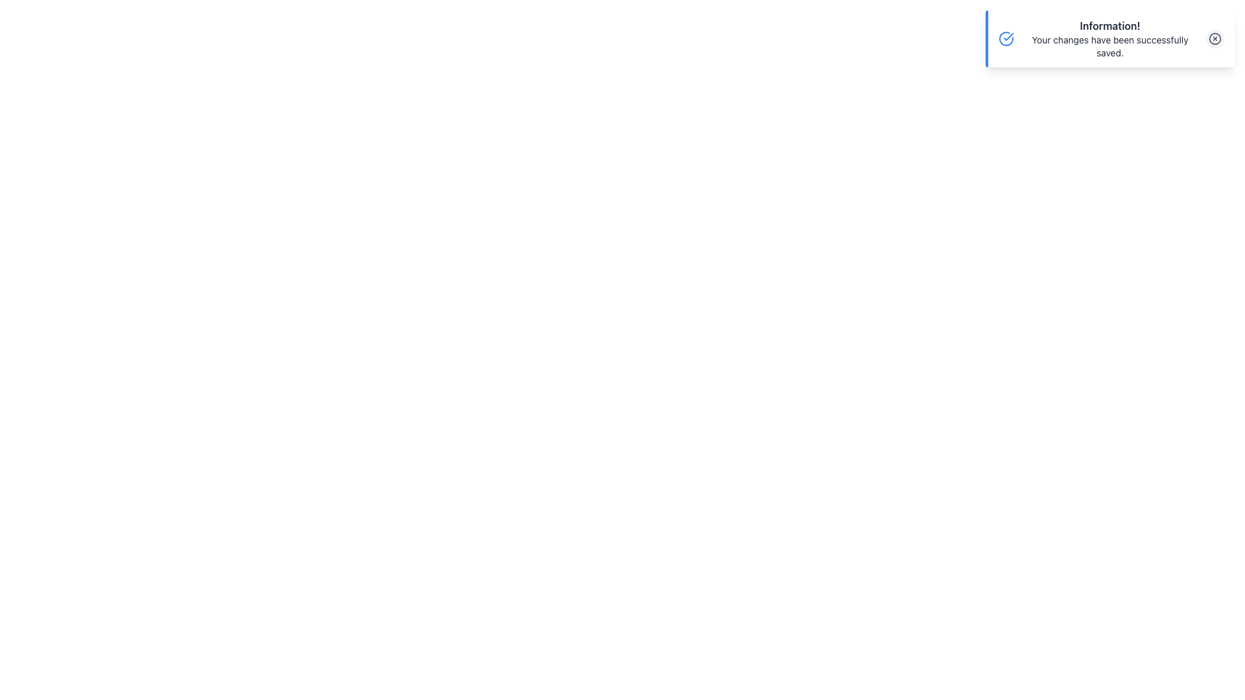 The width and height of the screenshot is (1245, 700). I want to click on the circular SVG element that is part of a warning icon, located in the upper right corner of the notification banner indicating successful changes, so click(1214, 38).